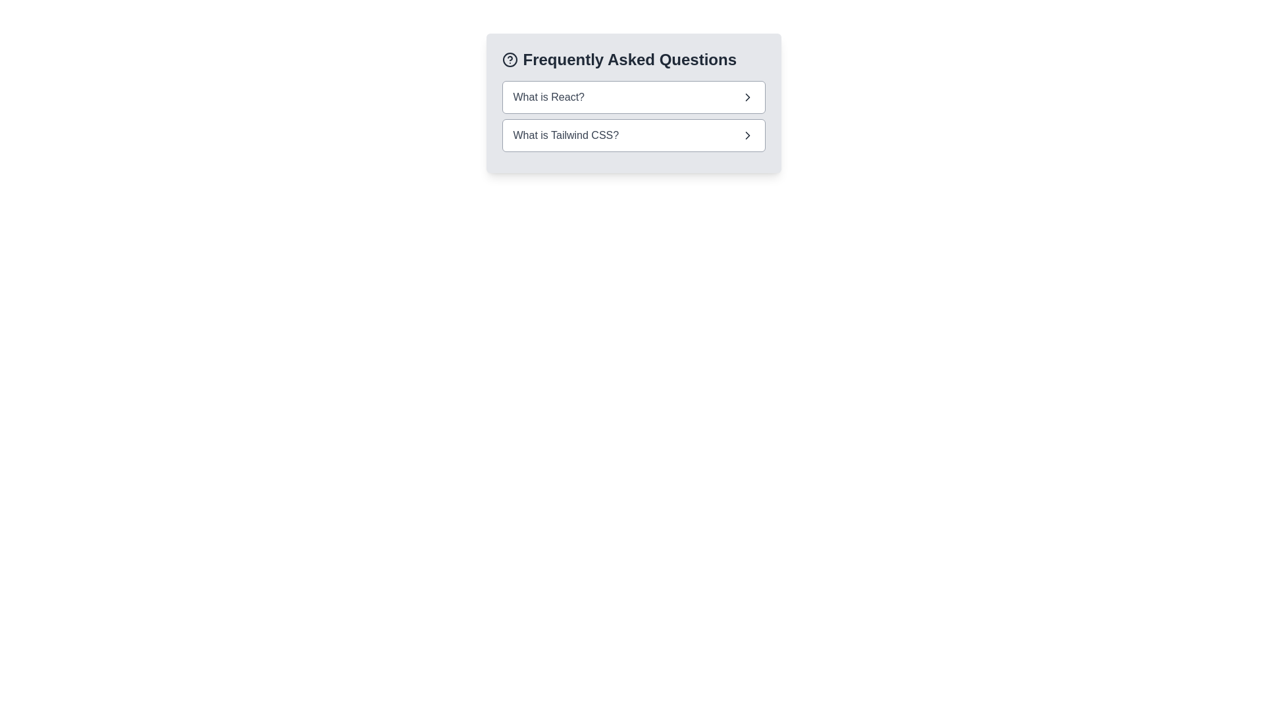 The height and width of the screenshot is (711, 1264). I want to click on the 'What is React?' button located in the FAQ panel, so click(633, 103).